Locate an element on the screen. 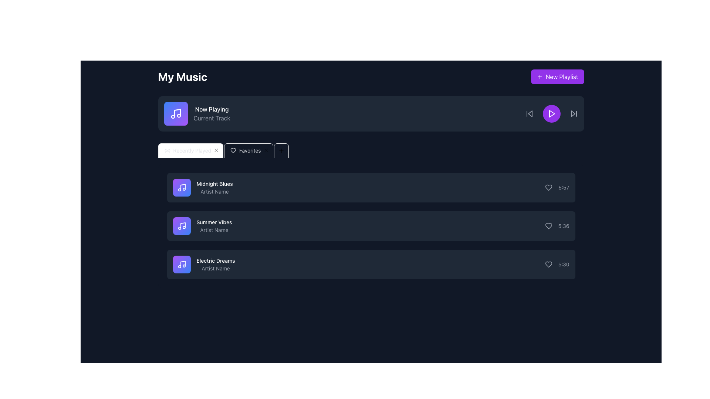  the second music track list item, which contains information about the track and allows interactions such as liking the item is located at coordinates (371, 226).